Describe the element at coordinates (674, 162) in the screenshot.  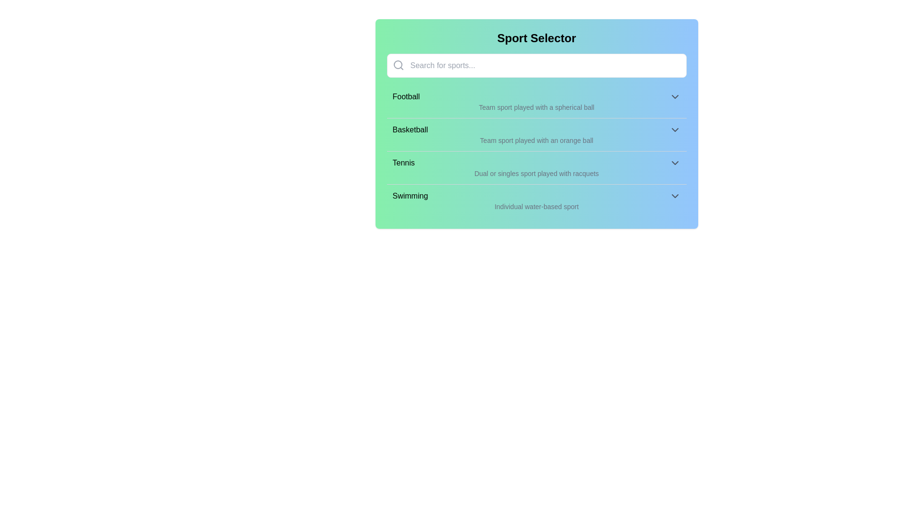
I see `the Dropdown indicator (chevron icon) located at the rightmost position of the 'Tennis' row in the sports list` at that location.